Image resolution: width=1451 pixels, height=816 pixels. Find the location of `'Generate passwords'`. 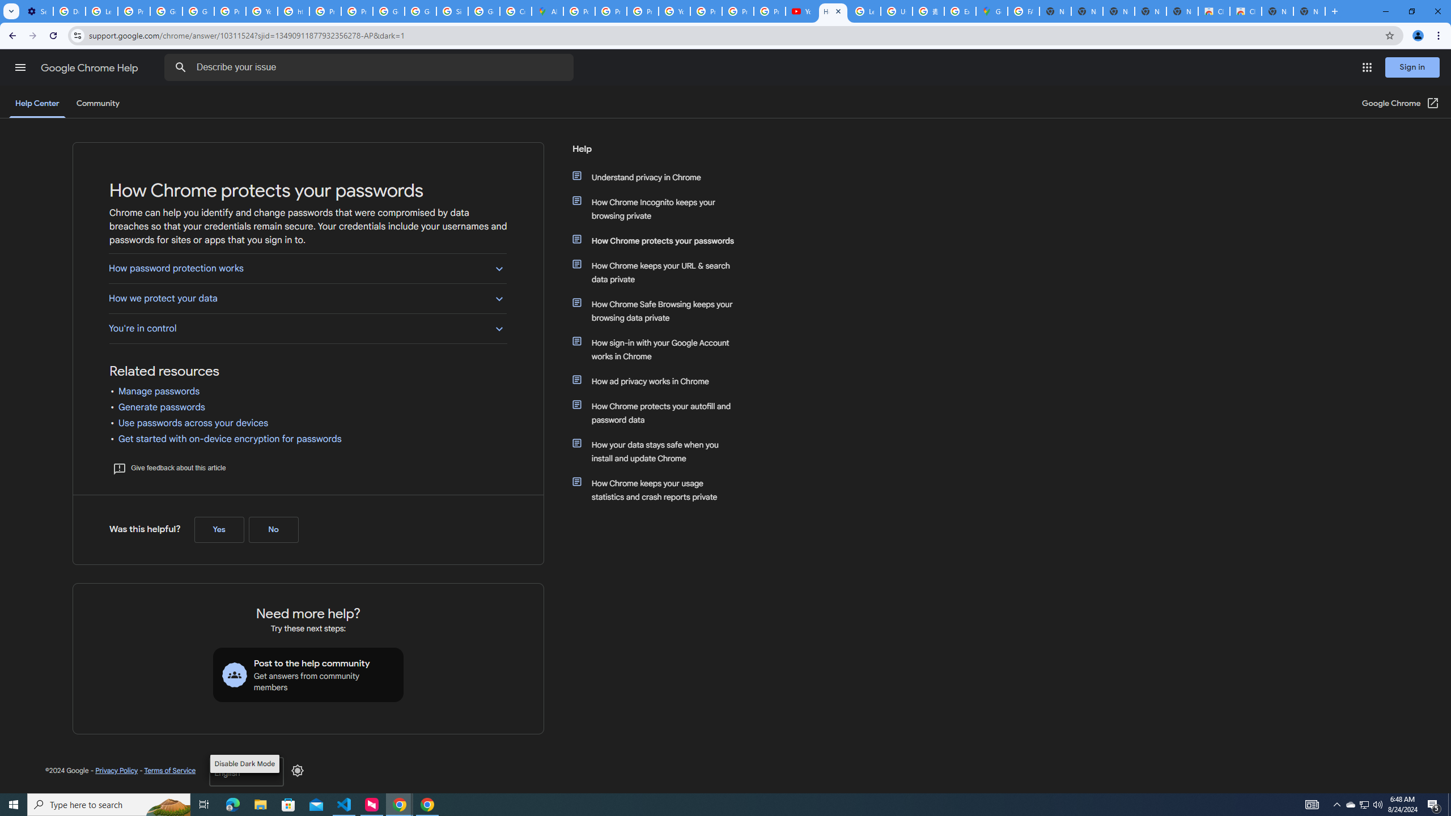

'Generate passwords' is located at coordinates (162, 406).